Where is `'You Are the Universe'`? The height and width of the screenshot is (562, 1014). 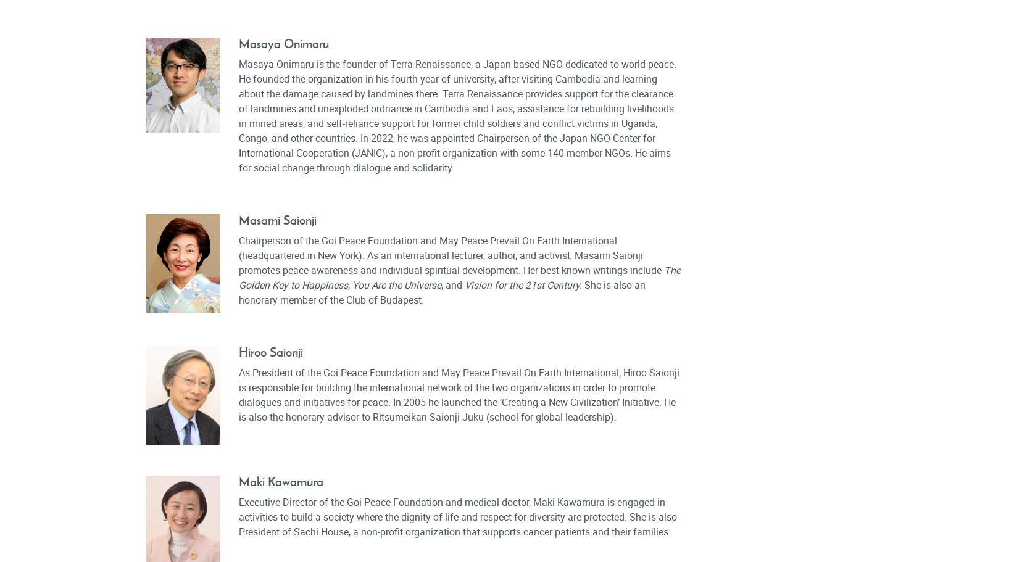
'You Are the Universe' is located at coordinates (395, 284).